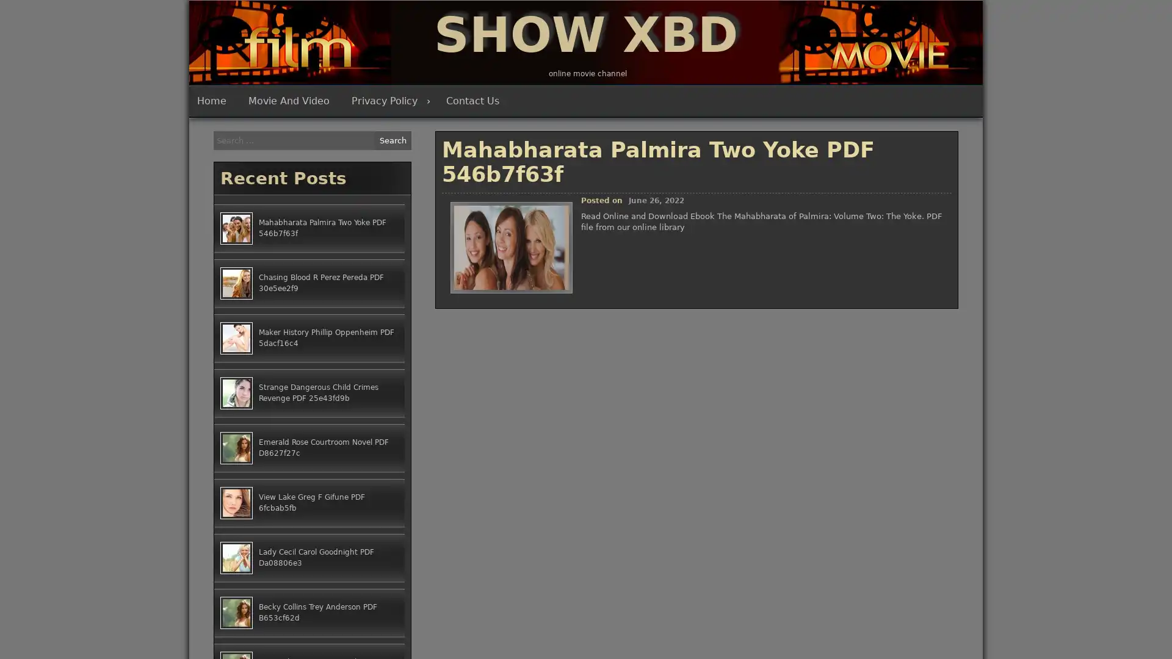  I want to click on Search, so click(392, 140).